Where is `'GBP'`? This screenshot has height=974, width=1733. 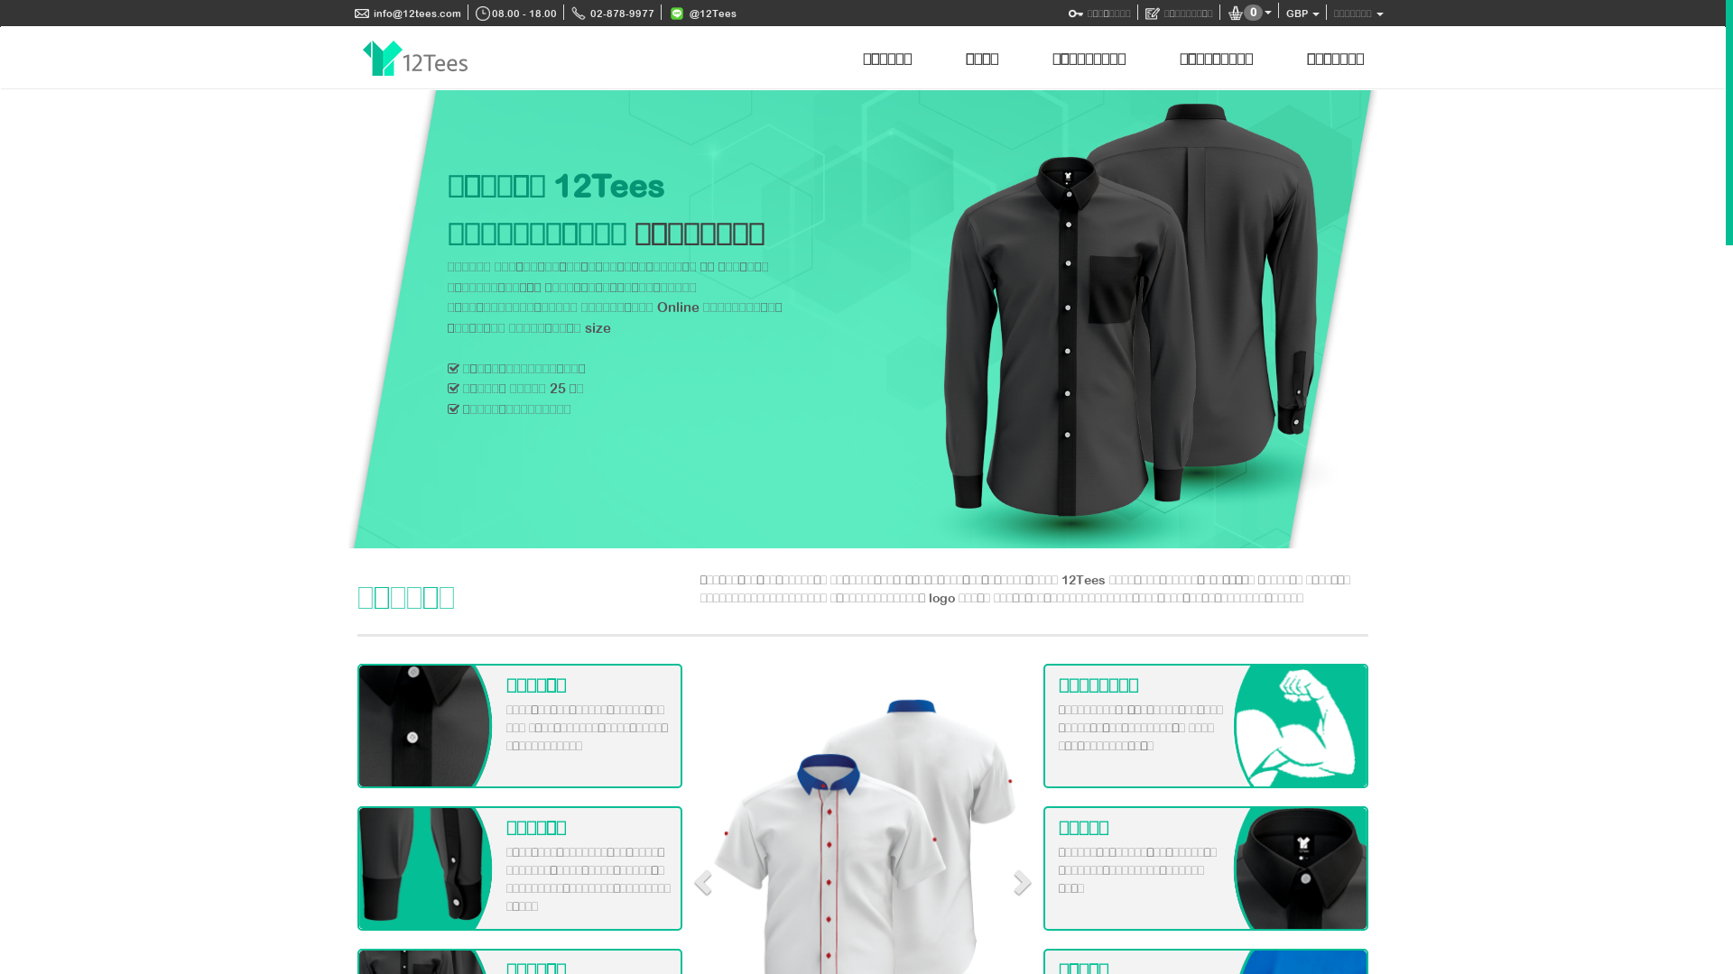
'GBP' is located at coordinates (1302, 14).